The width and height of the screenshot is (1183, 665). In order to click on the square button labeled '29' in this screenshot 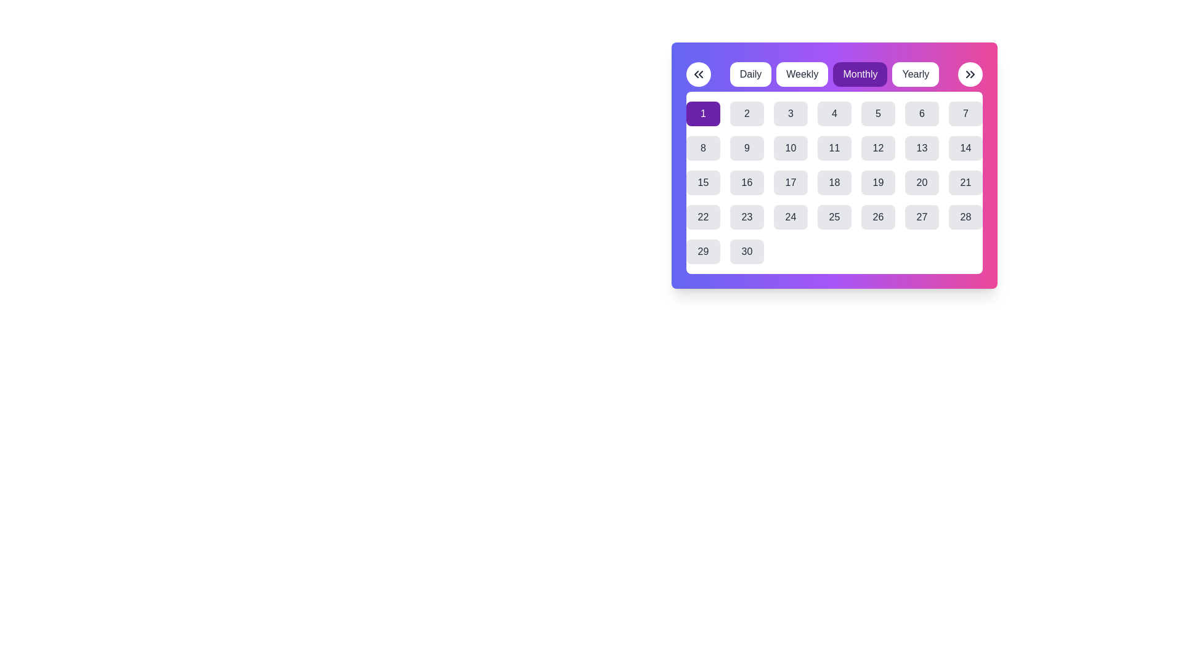, I will do `click(703, 251)`.